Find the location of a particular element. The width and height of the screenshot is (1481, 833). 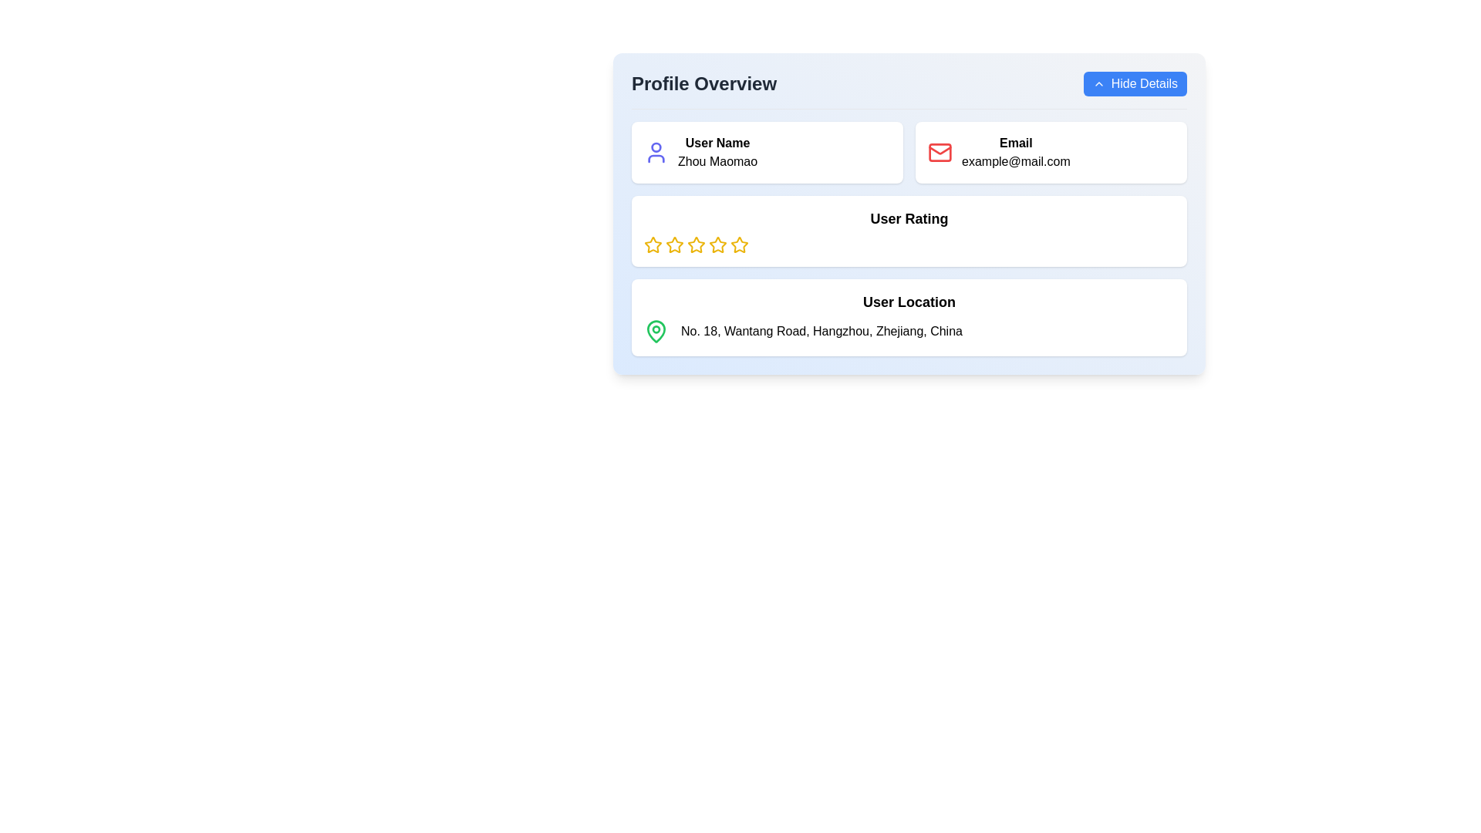

the header element that serves as the title for the user profile section, located at the top-left side of the interface is located at coordinates (703, 83).